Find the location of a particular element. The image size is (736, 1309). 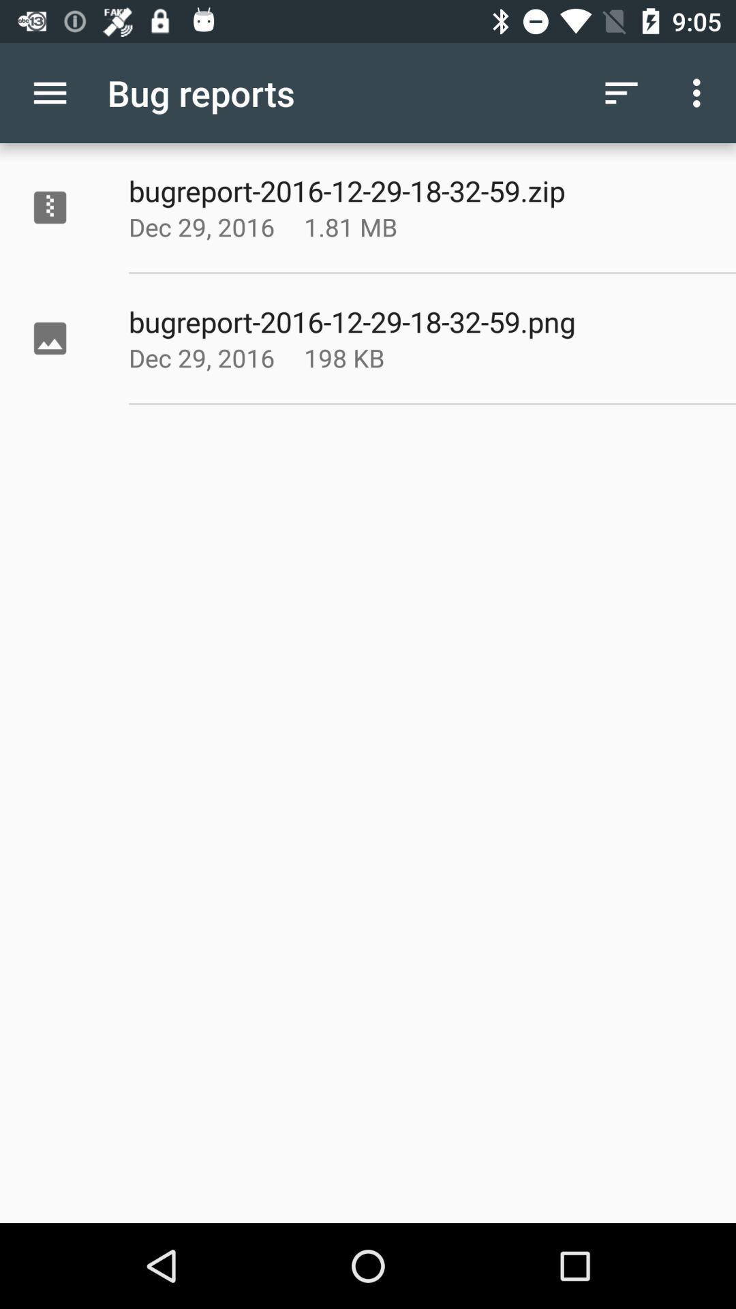

198 kb is located at coordinates (384, 357).